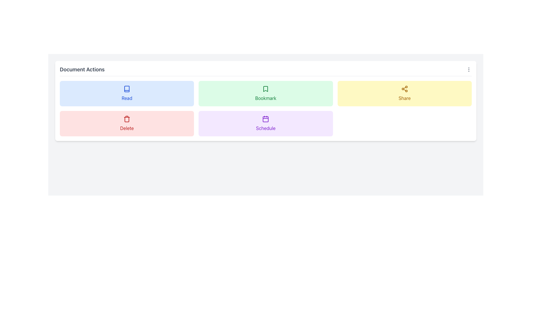  What do you see at coordinates (265, 93) in the screenshot?
I see `the light green 'Bookmark' button with a bookmark icon to bookmark` at bounding box center [265, 93].